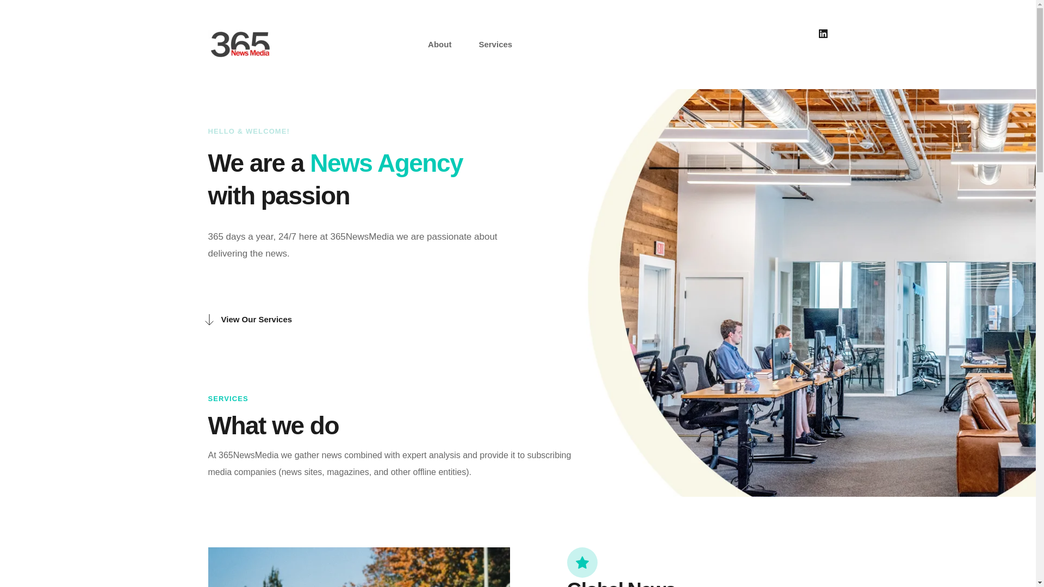  What do you see at coordinates (495, 43) in the screenshot?
I see `'Services'` at bounding box center [495, 43].